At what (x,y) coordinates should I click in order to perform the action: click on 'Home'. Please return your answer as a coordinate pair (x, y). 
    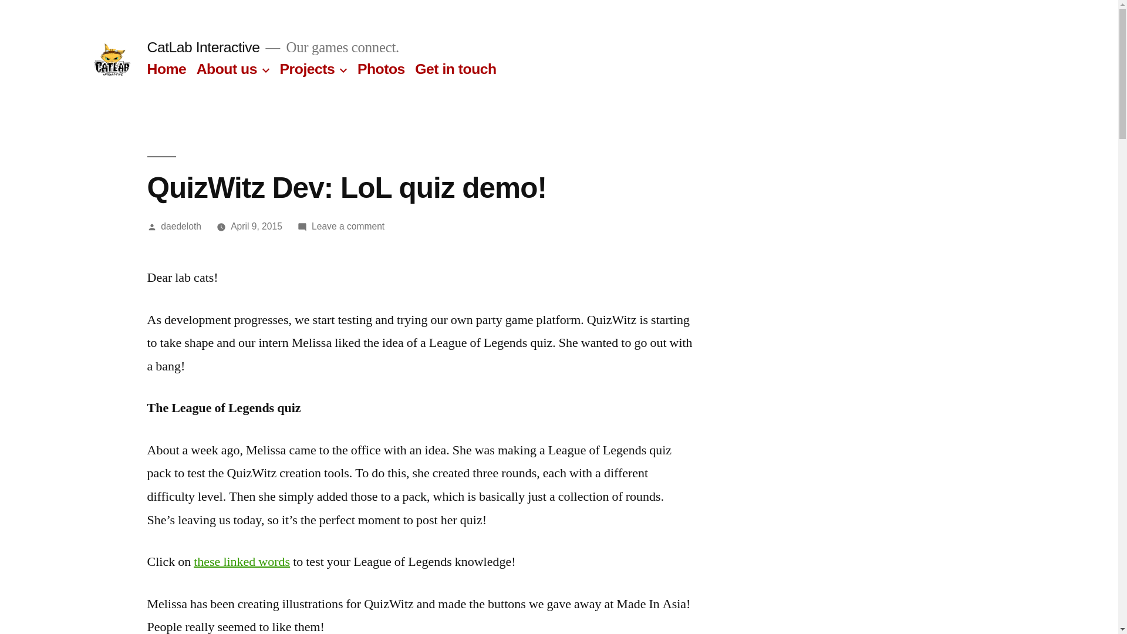
    Looking at the image, I should click on (166, 69).